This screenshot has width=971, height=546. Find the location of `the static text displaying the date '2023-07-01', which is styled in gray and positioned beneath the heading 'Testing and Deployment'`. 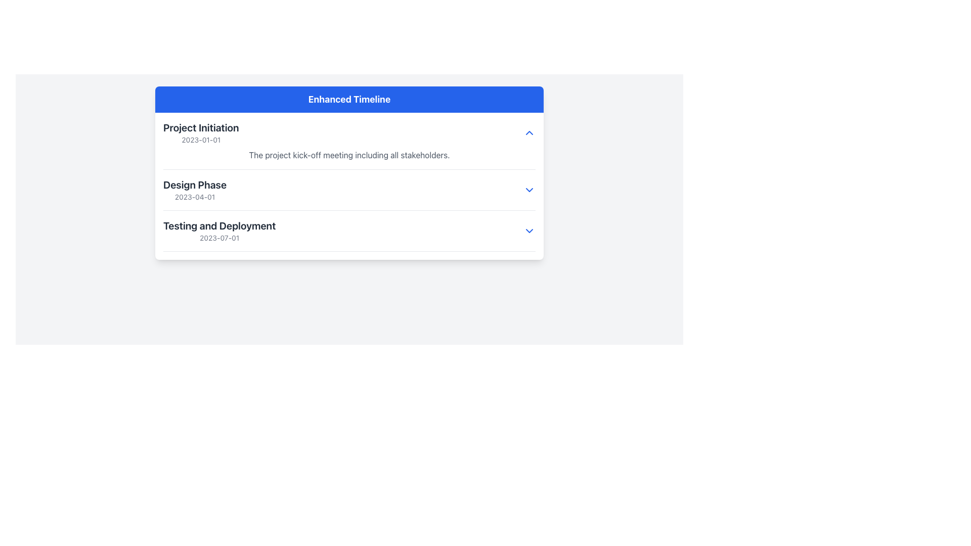

the static text displaying the date '2023-07-01', which is styled in gray and positioned beneath the heading 'Testing and Deployment' is located at coordinates (219, 238).